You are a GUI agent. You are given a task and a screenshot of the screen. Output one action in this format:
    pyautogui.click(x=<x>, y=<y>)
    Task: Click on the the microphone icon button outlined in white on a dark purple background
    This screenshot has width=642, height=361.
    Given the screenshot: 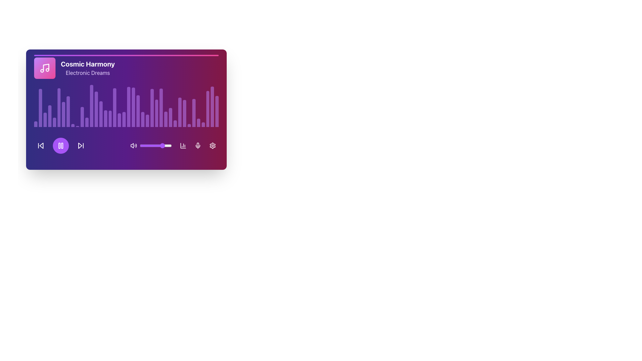 What is the action you would take?
    pyautogui.click(x=197, y=145)
    